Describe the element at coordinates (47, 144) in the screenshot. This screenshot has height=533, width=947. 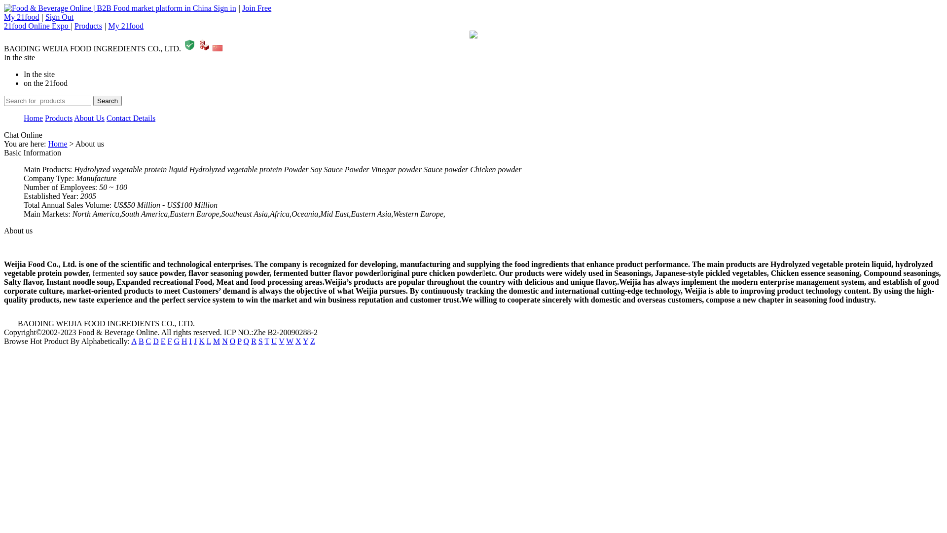
I see `'Home'` at that location.